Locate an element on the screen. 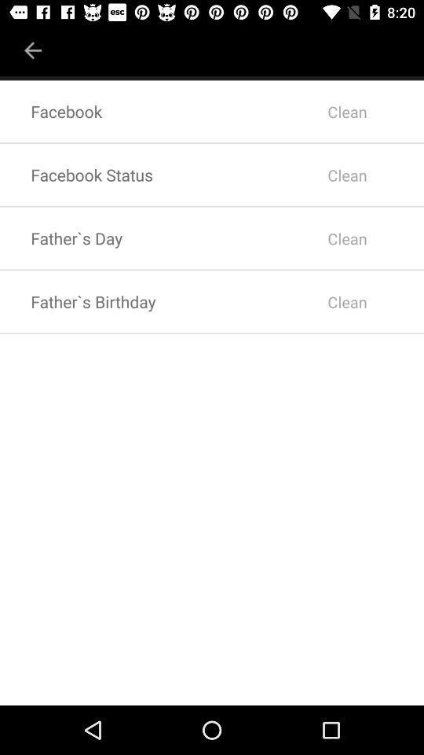 The height and width of the screenshot is (755, 424). the arrow_backward icon is located at coordinates (33, 44).